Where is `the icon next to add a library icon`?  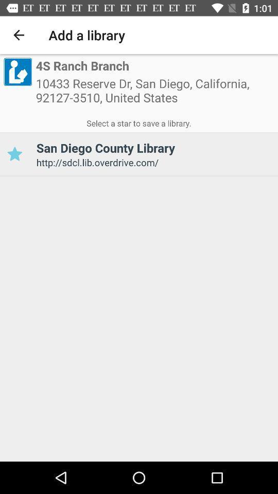 the icon next to add a library icon is located at coordinates (19, 35).